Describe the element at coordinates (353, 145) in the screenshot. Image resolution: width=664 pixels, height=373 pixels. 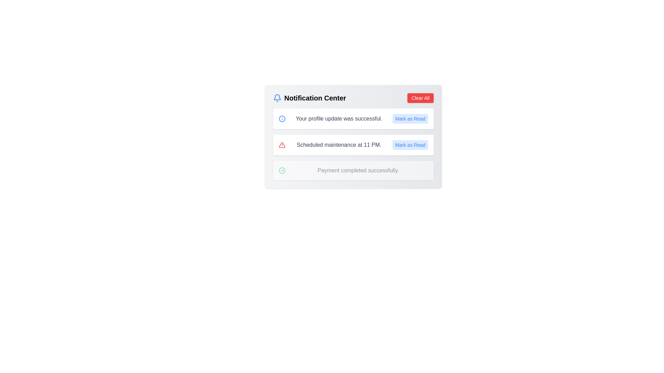
I see `notification text of the second notification card, which contains the message 'Scheduled maintenance at 11 PM.'` at that location.